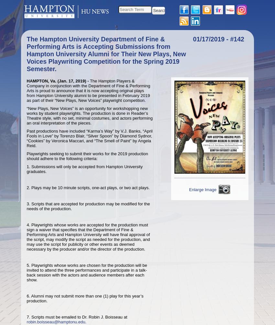  Describe the element at coordinates (89, 115) in the screenshot. I see `'“New Plays, New Voices” is an opportunity for workshopping new works by student playwrights. The production is done in Reader’s Theatre style, with no set, minimal costumes, and actors performing an oral interpretation of the pieces.'` at that location.